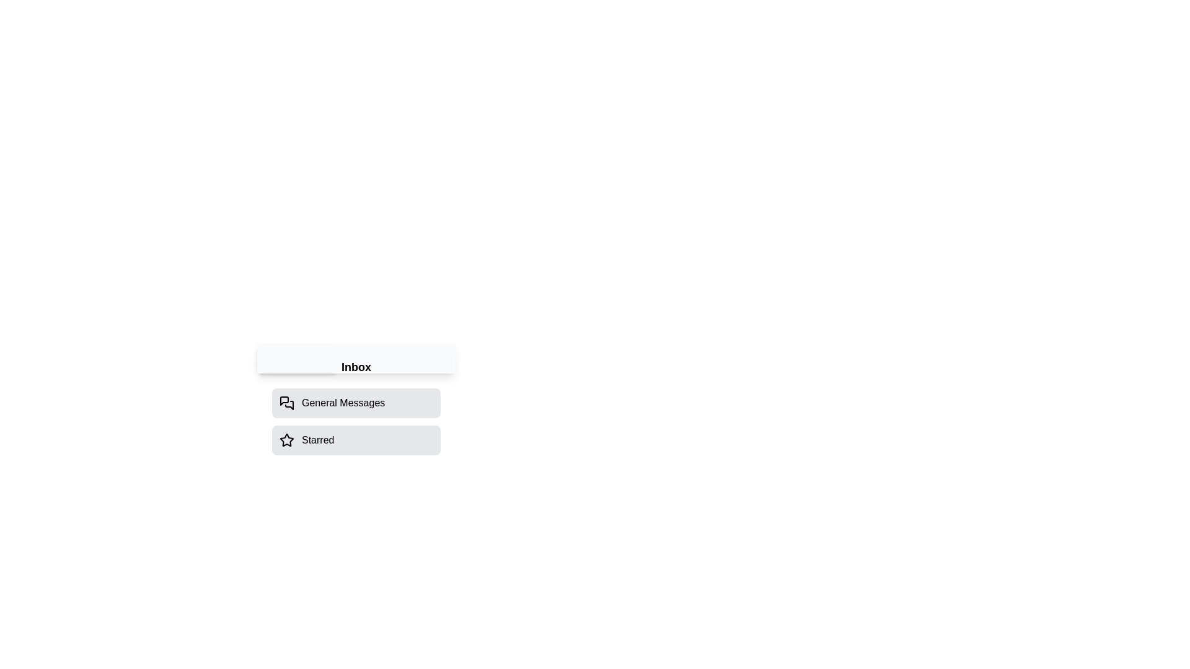 This screenshot has height=669, width=1190. Describe the element at coordinates (356, 367) in the screenshot. I see `the 'Inbox' header text to select it` at that location.